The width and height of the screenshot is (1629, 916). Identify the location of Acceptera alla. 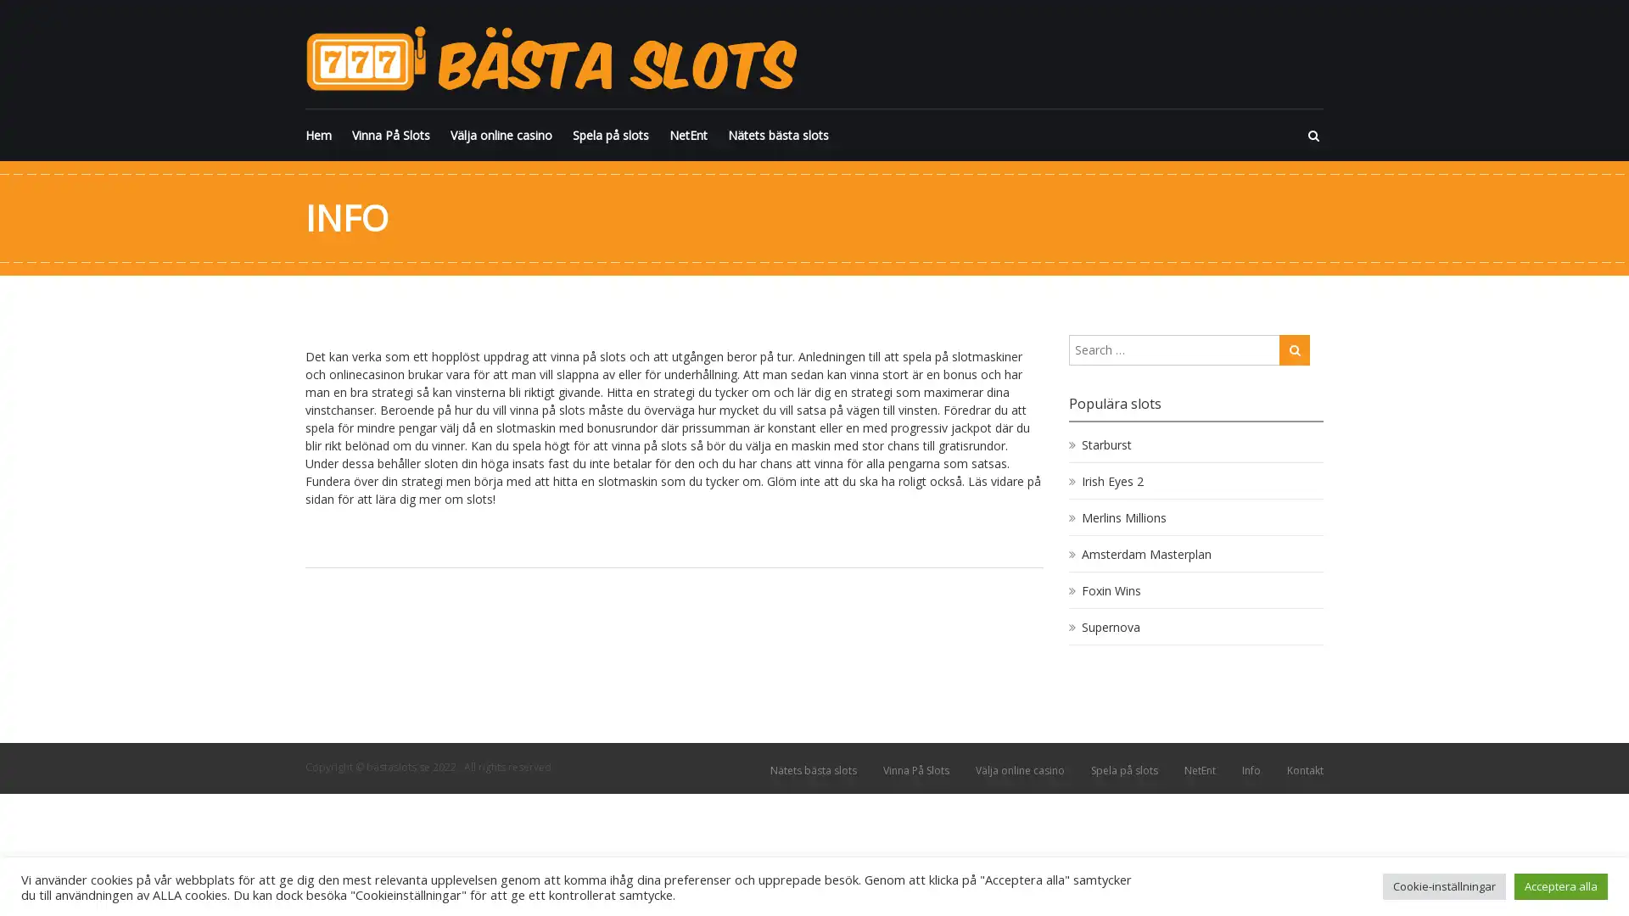
(1560, 885).